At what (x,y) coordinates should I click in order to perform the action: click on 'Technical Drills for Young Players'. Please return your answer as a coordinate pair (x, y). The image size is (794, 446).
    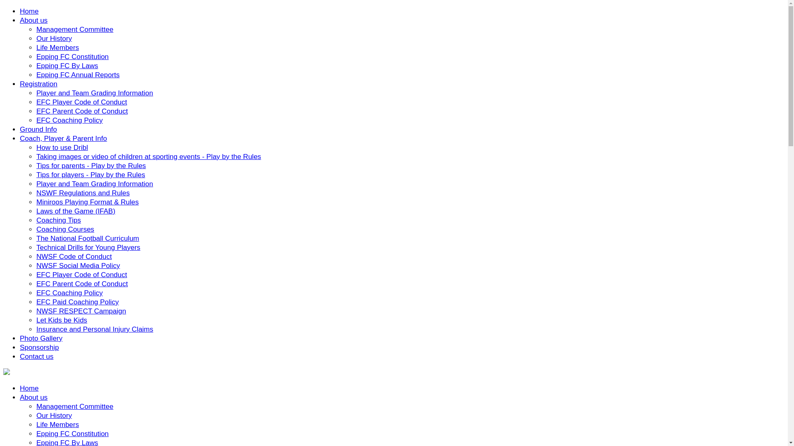
    Looking at the image, I should click on (88, 247).